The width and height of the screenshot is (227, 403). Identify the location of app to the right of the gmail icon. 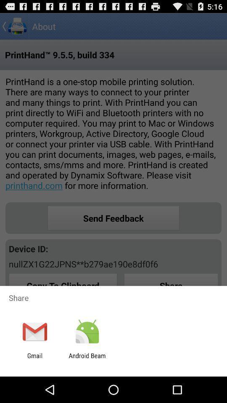
(87, 359).